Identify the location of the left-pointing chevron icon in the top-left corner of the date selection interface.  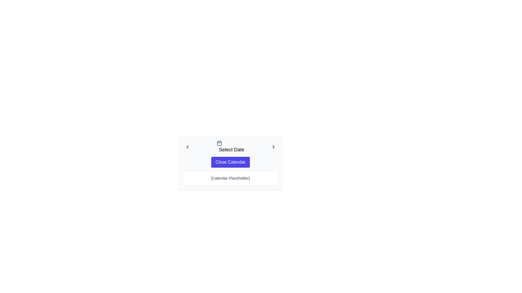
(188, 147).